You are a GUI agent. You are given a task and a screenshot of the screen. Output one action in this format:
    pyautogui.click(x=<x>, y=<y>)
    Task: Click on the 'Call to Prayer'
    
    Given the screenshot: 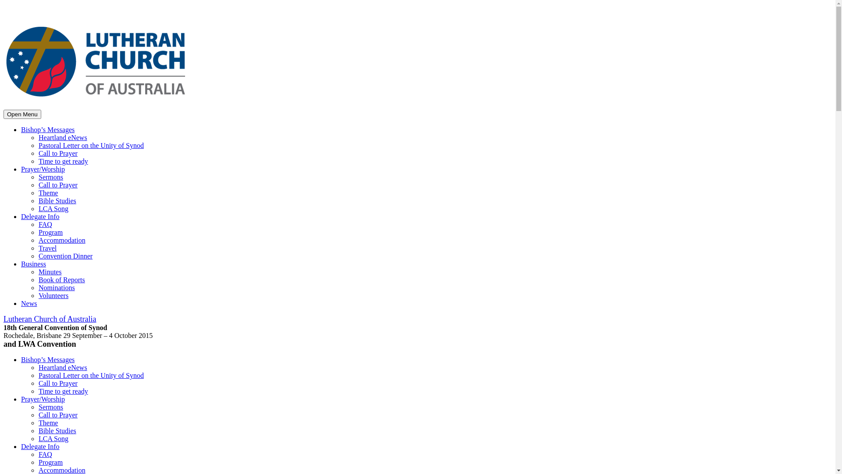 What is the action you would take?
    pyautogui.click(x=57, y=184)
    